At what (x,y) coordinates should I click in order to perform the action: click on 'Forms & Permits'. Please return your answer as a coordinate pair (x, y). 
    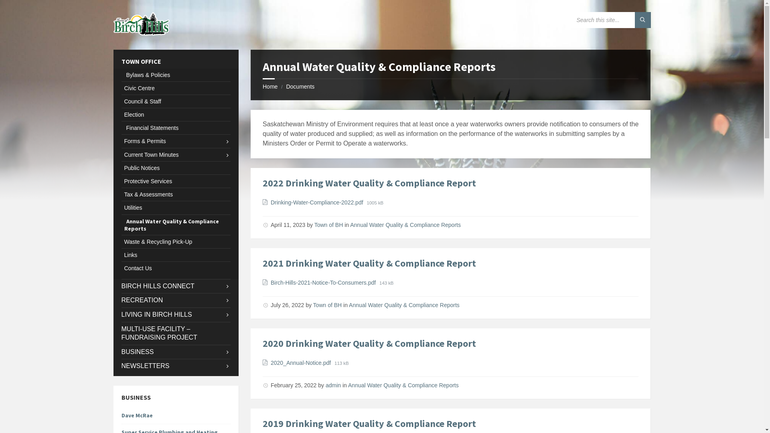
    Looking at the image, I should click on (175, 140).